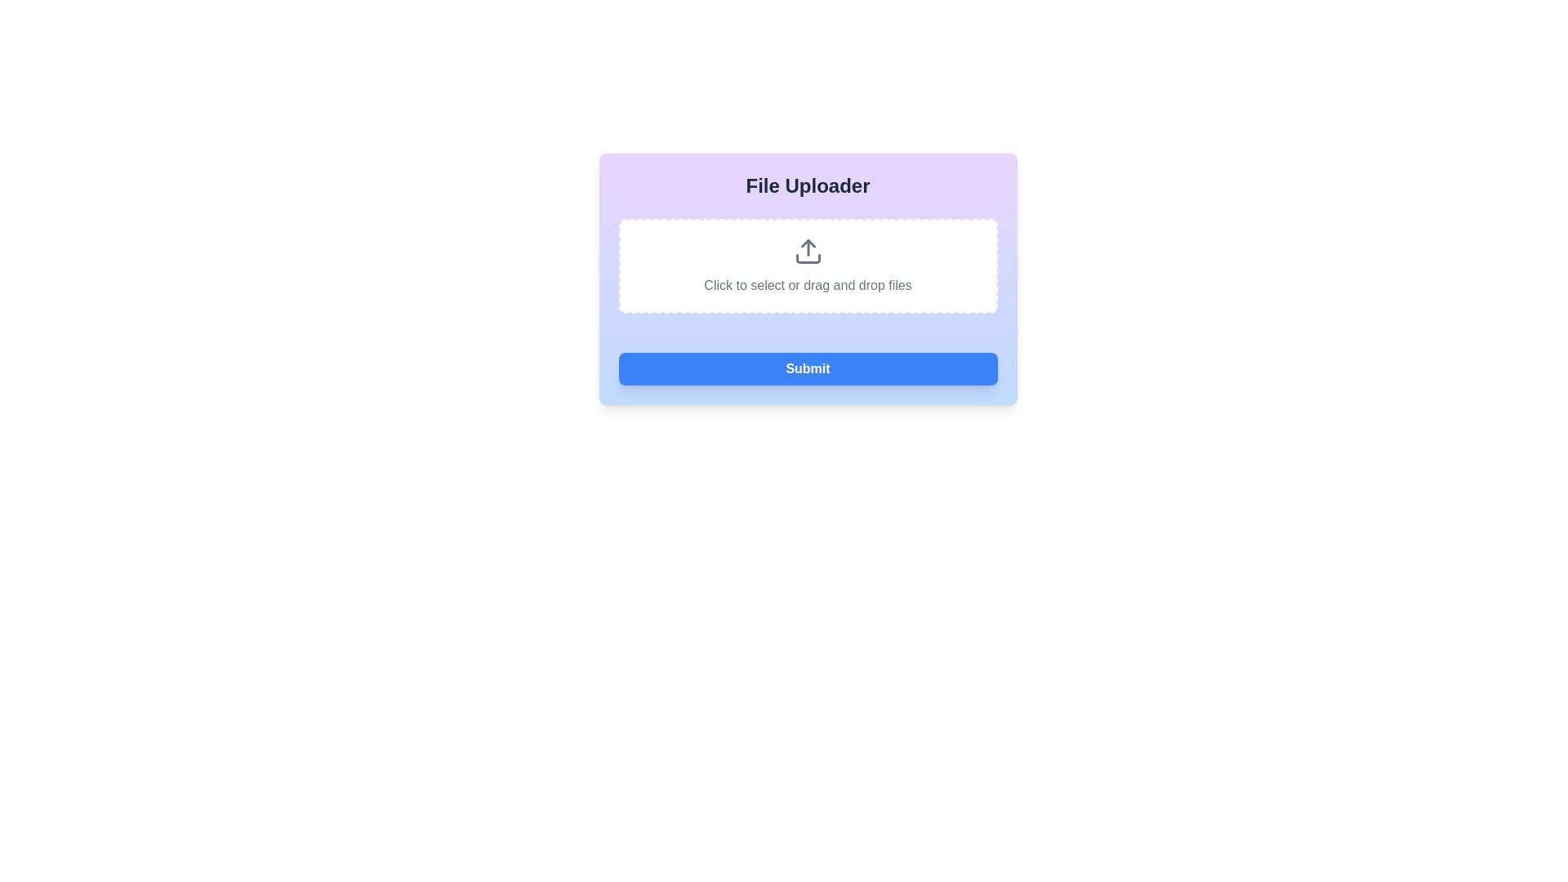 Image resolution: width=1568 pixels, height=882 pixels. What do you see at coordinates (808, 243) in the screenshot?
I see `the upward triangle icon indicating file transfer or upload, positioned centrally above other components in the upload icon layout` at bounding box center [808, 243].